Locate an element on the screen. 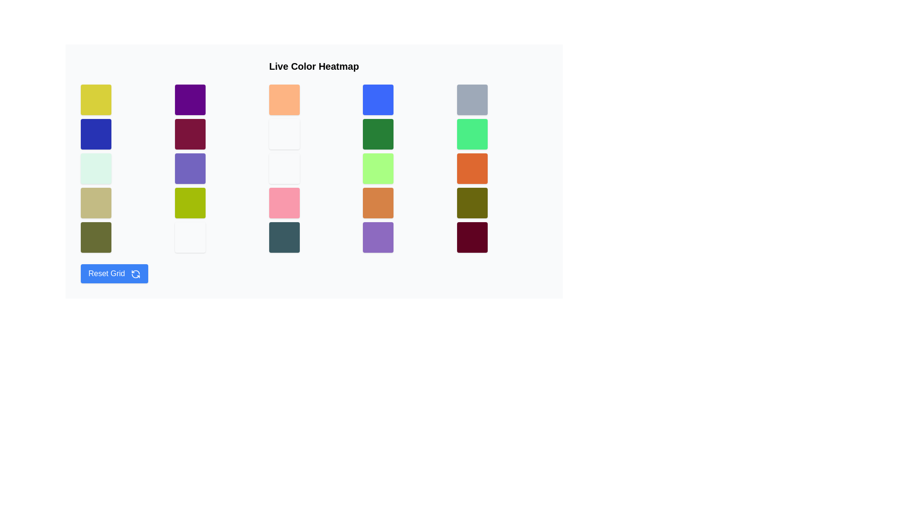 This screenshot has height=516, width=918. the static visual element, a square with rounded corners and a vibrant green background located in the fifth column of the second row of the grid is located at coordinates (472, 134).